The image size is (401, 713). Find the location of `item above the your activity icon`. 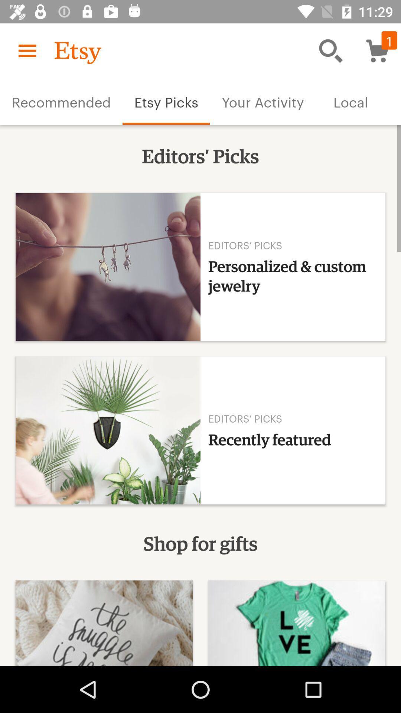

item above the your activity icon is located at coordinates (330, 50).